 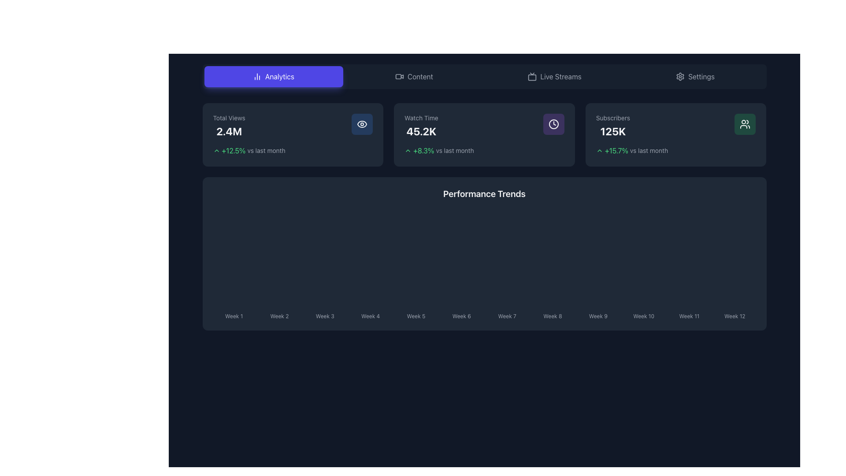 I want to click on the sixth Static Text Label indicating the sixth week in the performance trend timeline, located beneath the 'Performance Trends' heading, so click(x=461, y=316).